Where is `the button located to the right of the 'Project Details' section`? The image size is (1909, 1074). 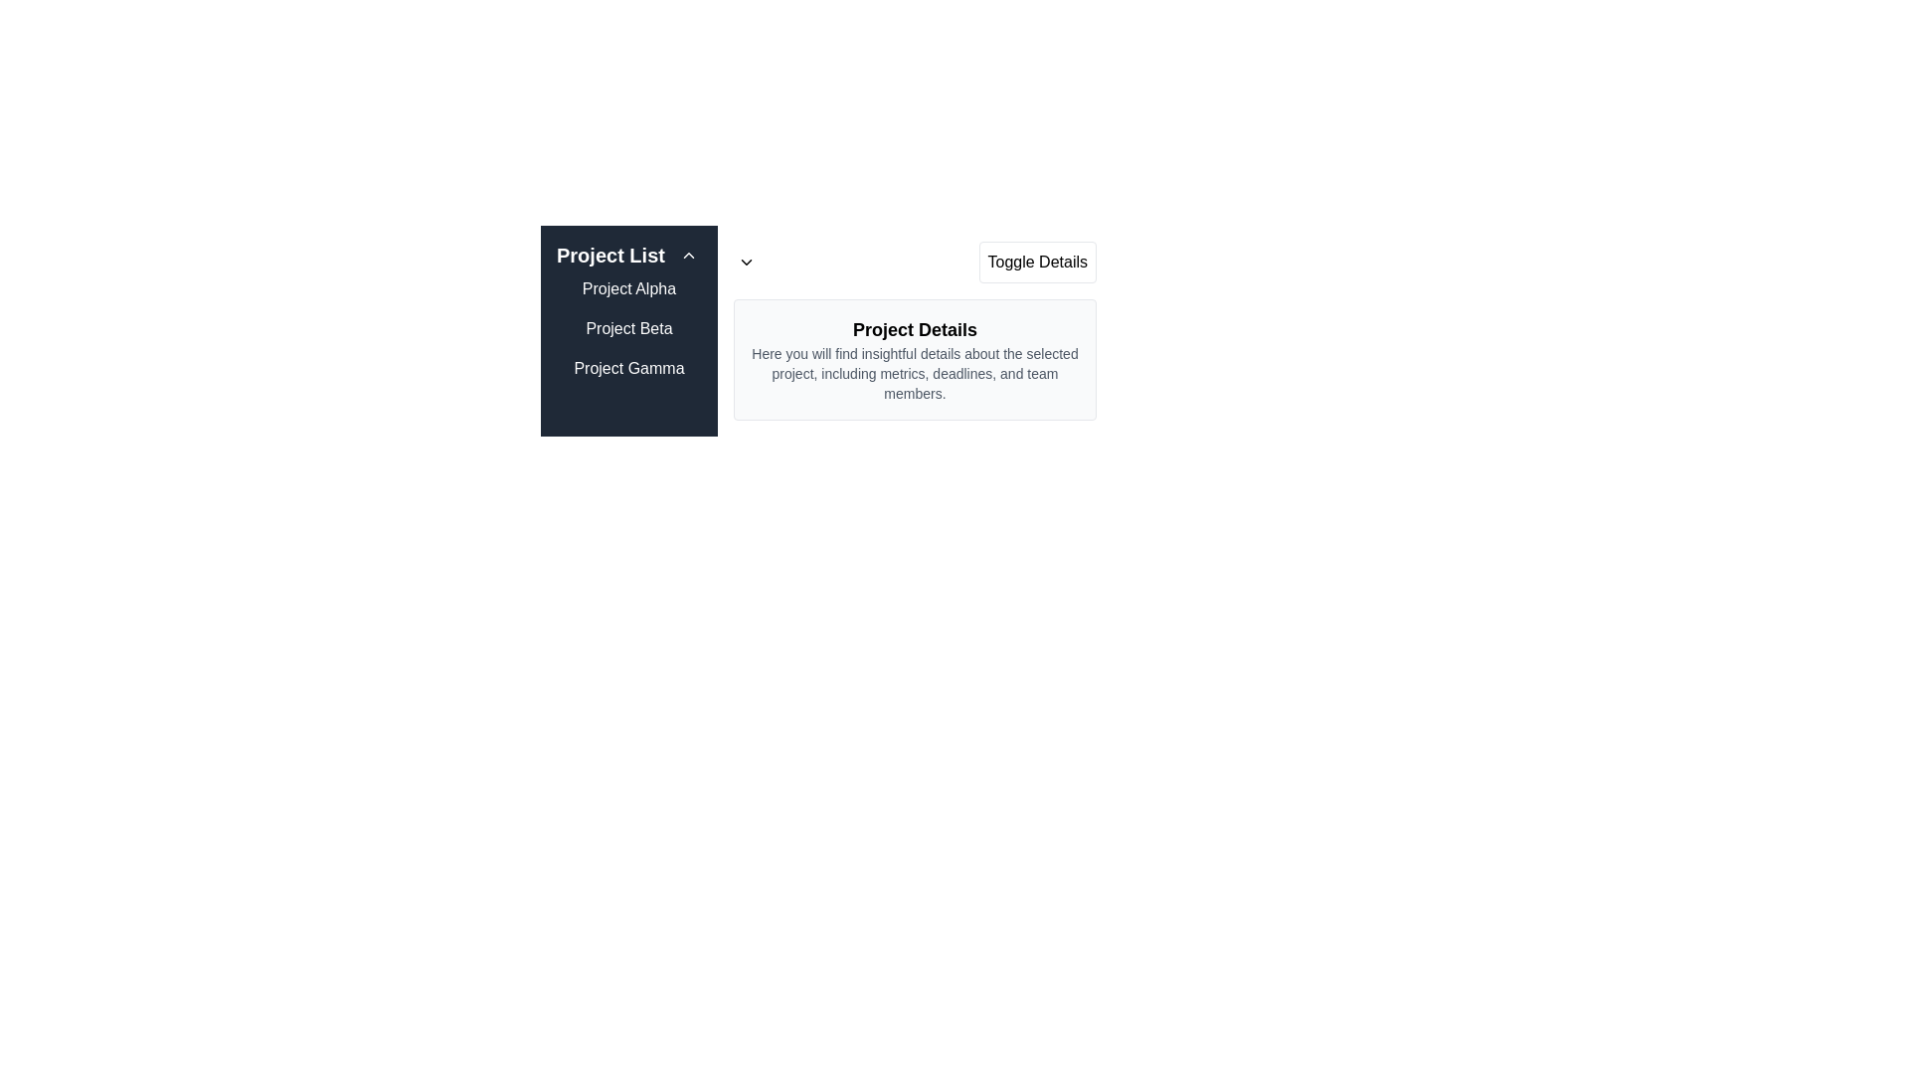
the button located to the right of the 'Project Details' section is located at coordinates (1036, 261).